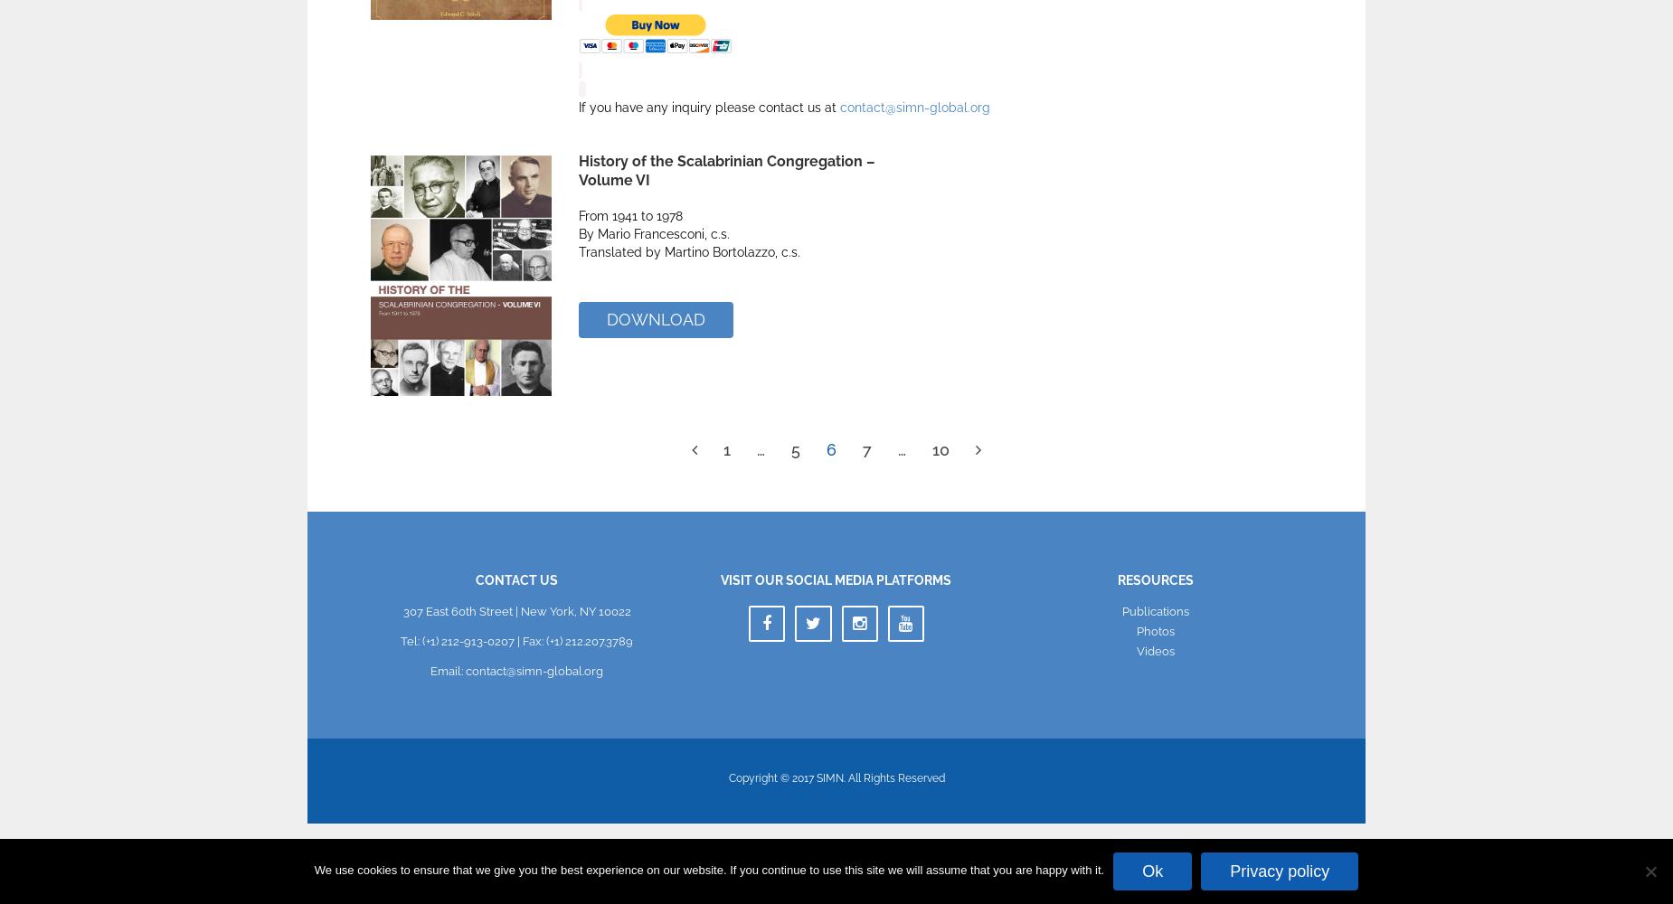 Image resolution: width=1673 pixels, height=904 pixels. What do you see at coordinates (862, 447) in the screenshot?
I see `'7'` at bounding box center [862, 447].